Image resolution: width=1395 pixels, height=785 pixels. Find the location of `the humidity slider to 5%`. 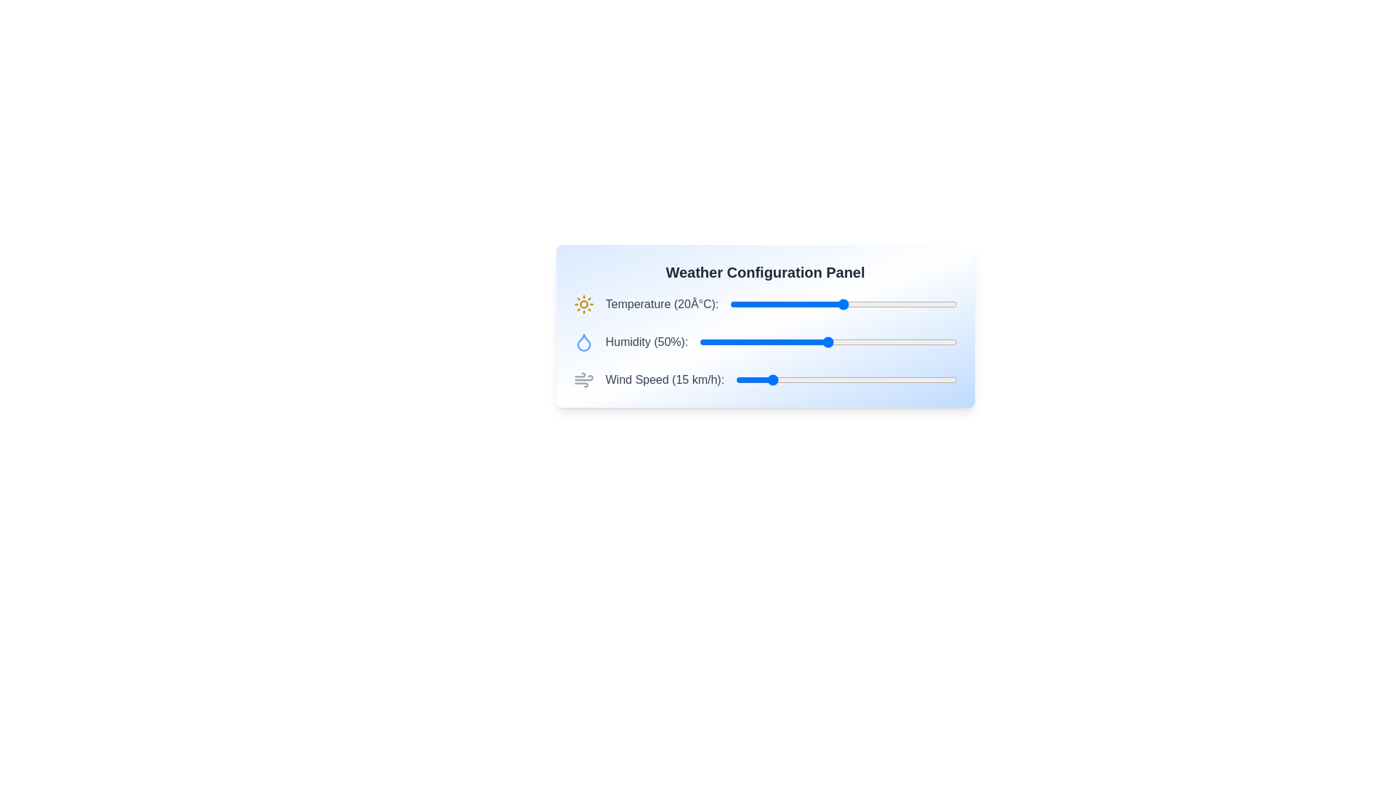

the humidity slider to 5% is located at coordinates (712, 342).